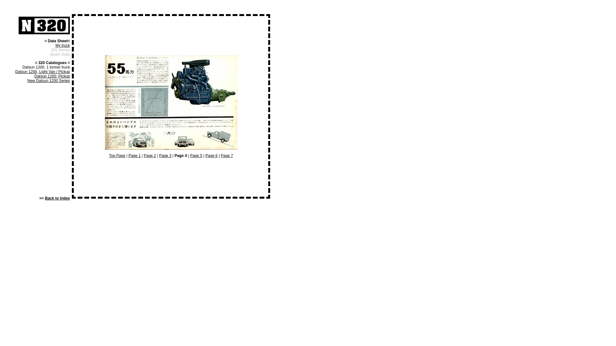 The image size is (616, 346). What do you see at coordinates (117, 156) in the screenshot?
I see `'Top Page'` at bounding box center [117, 156].